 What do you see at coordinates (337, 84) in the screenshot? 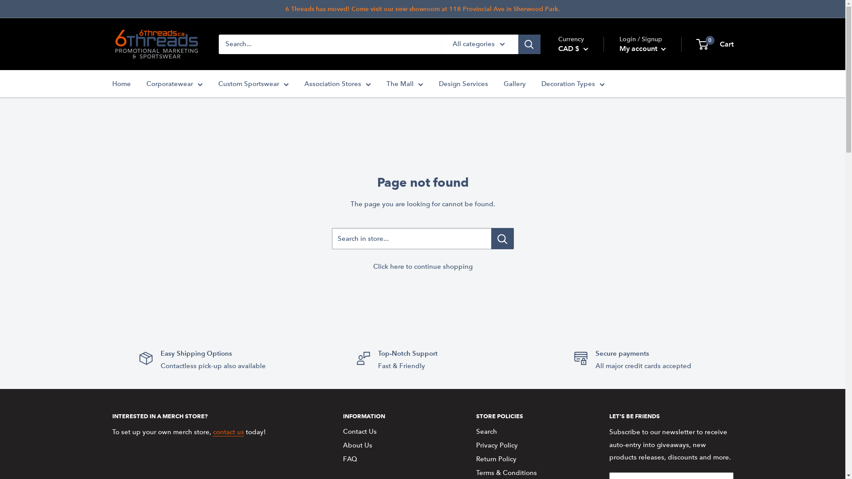
I see `'Association Stores'` at bounding box center [337, 84].